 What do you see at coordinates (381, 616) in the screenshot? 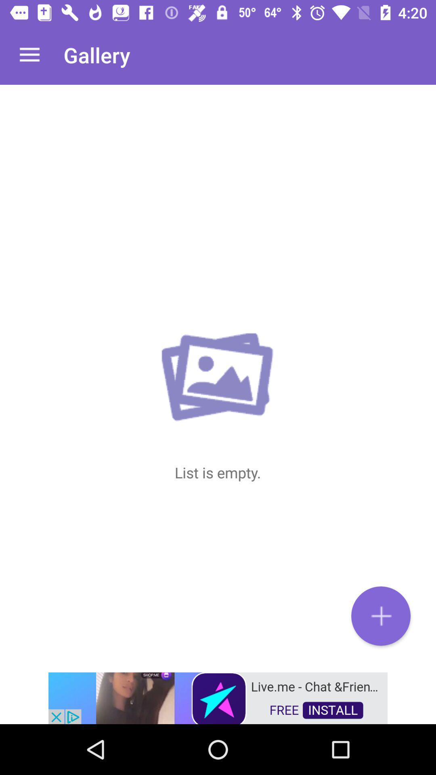
I see `photo` at bounding box center [381, 616].